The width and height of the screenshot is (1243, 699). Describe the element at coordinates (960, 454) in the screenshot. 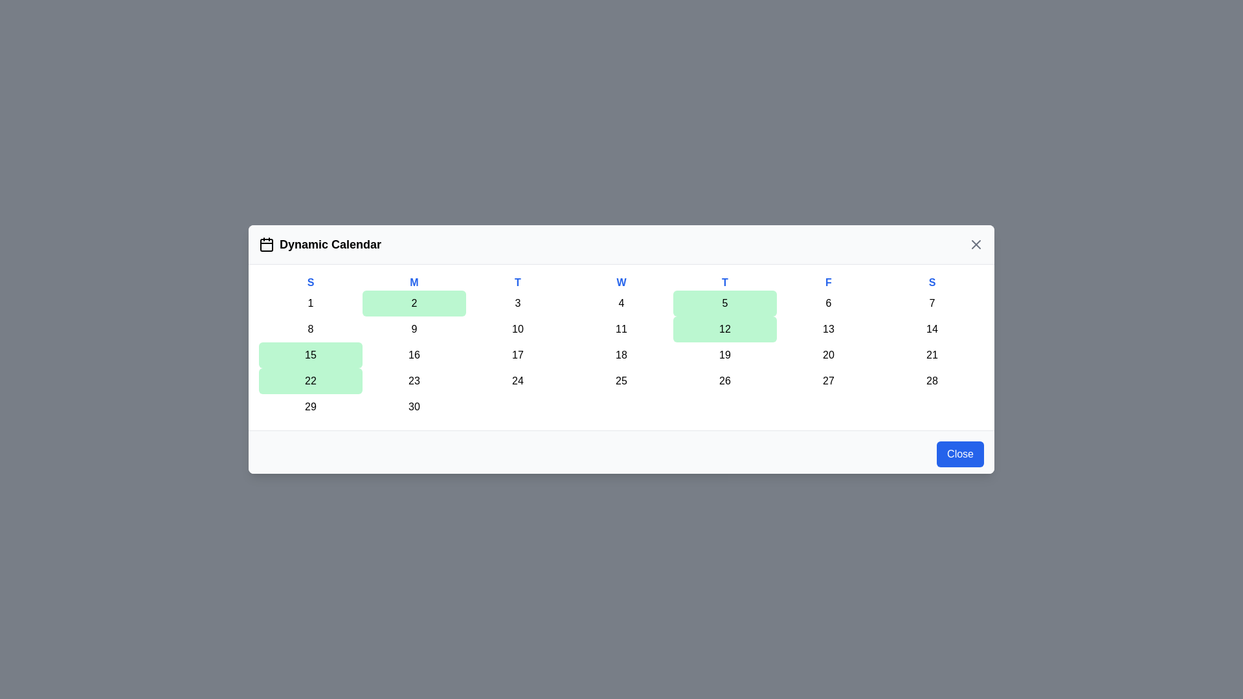

I see `the 'Close' button at the bottom-right of the component` at that location.